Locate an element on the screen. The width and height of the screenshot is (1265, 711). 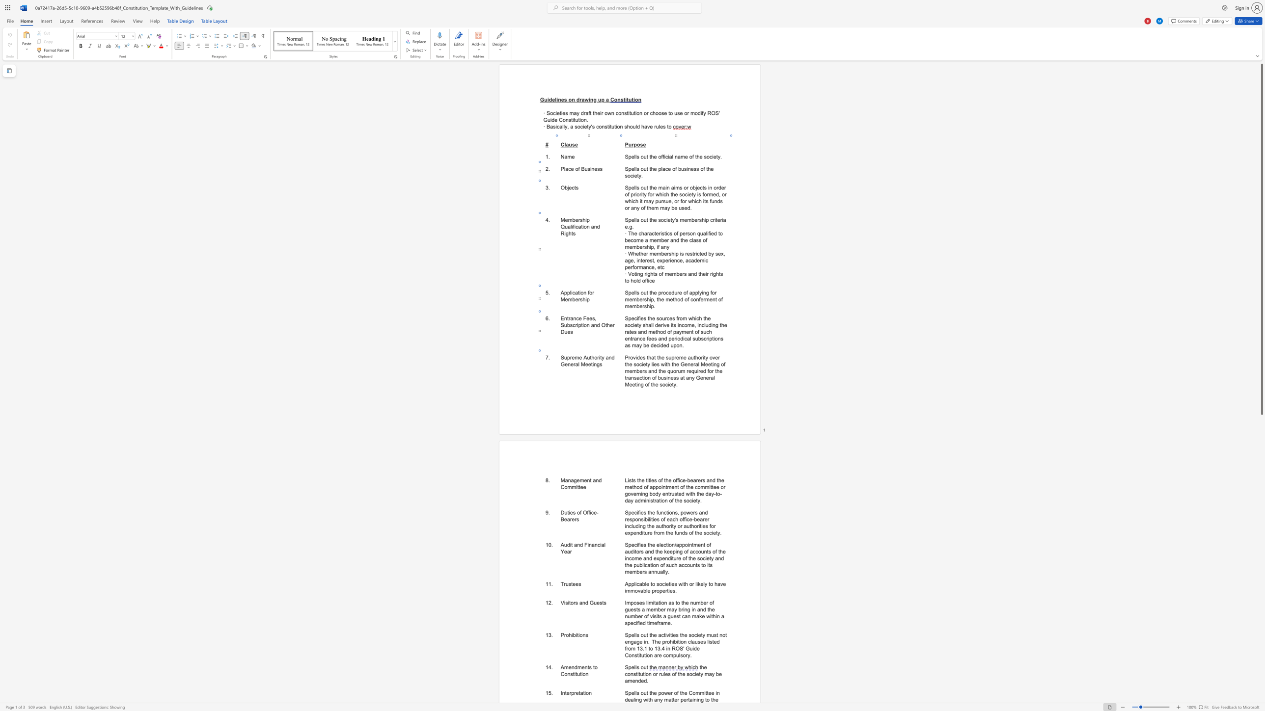
the 1th character "f" in the text is located at coordinates (677, 692).